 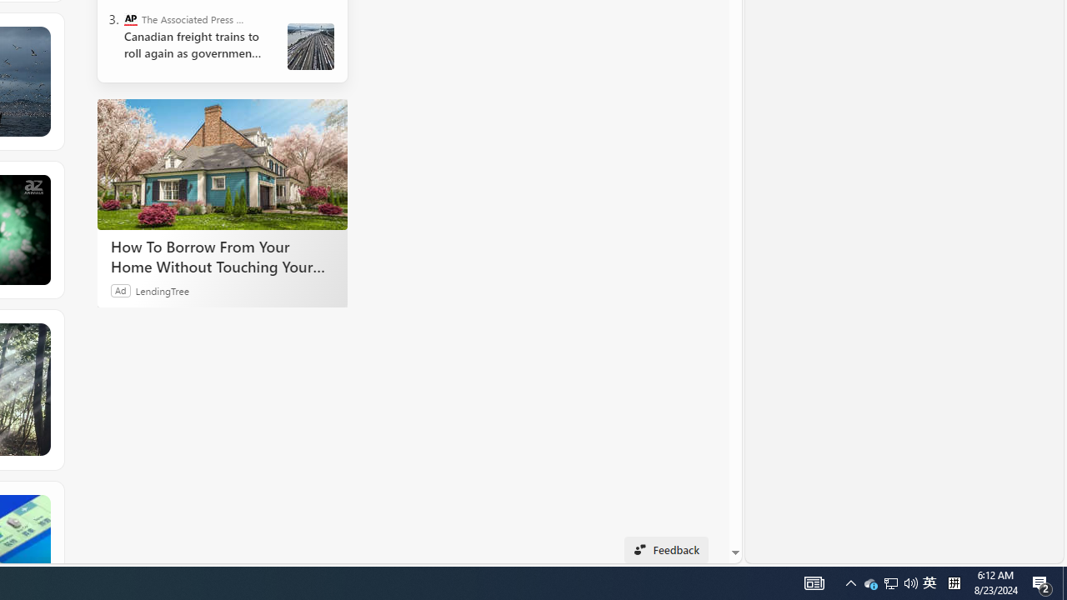 What do you see at coordinates (311, 46) in the screenshot?
I see `' Canada Railroads Unions'` at bounding box center [311, 46].